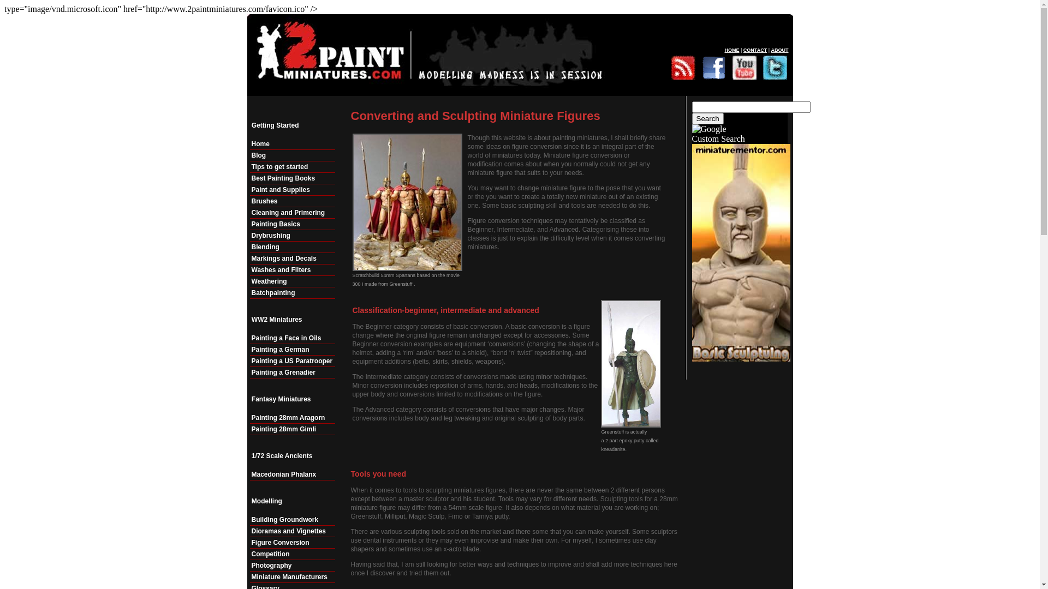 The width and height of the screenshot is (1048, 589). Describe the element at coordinates (293, 338) in the screenshot. I see `'Painting a Face in Oils'` at that location.